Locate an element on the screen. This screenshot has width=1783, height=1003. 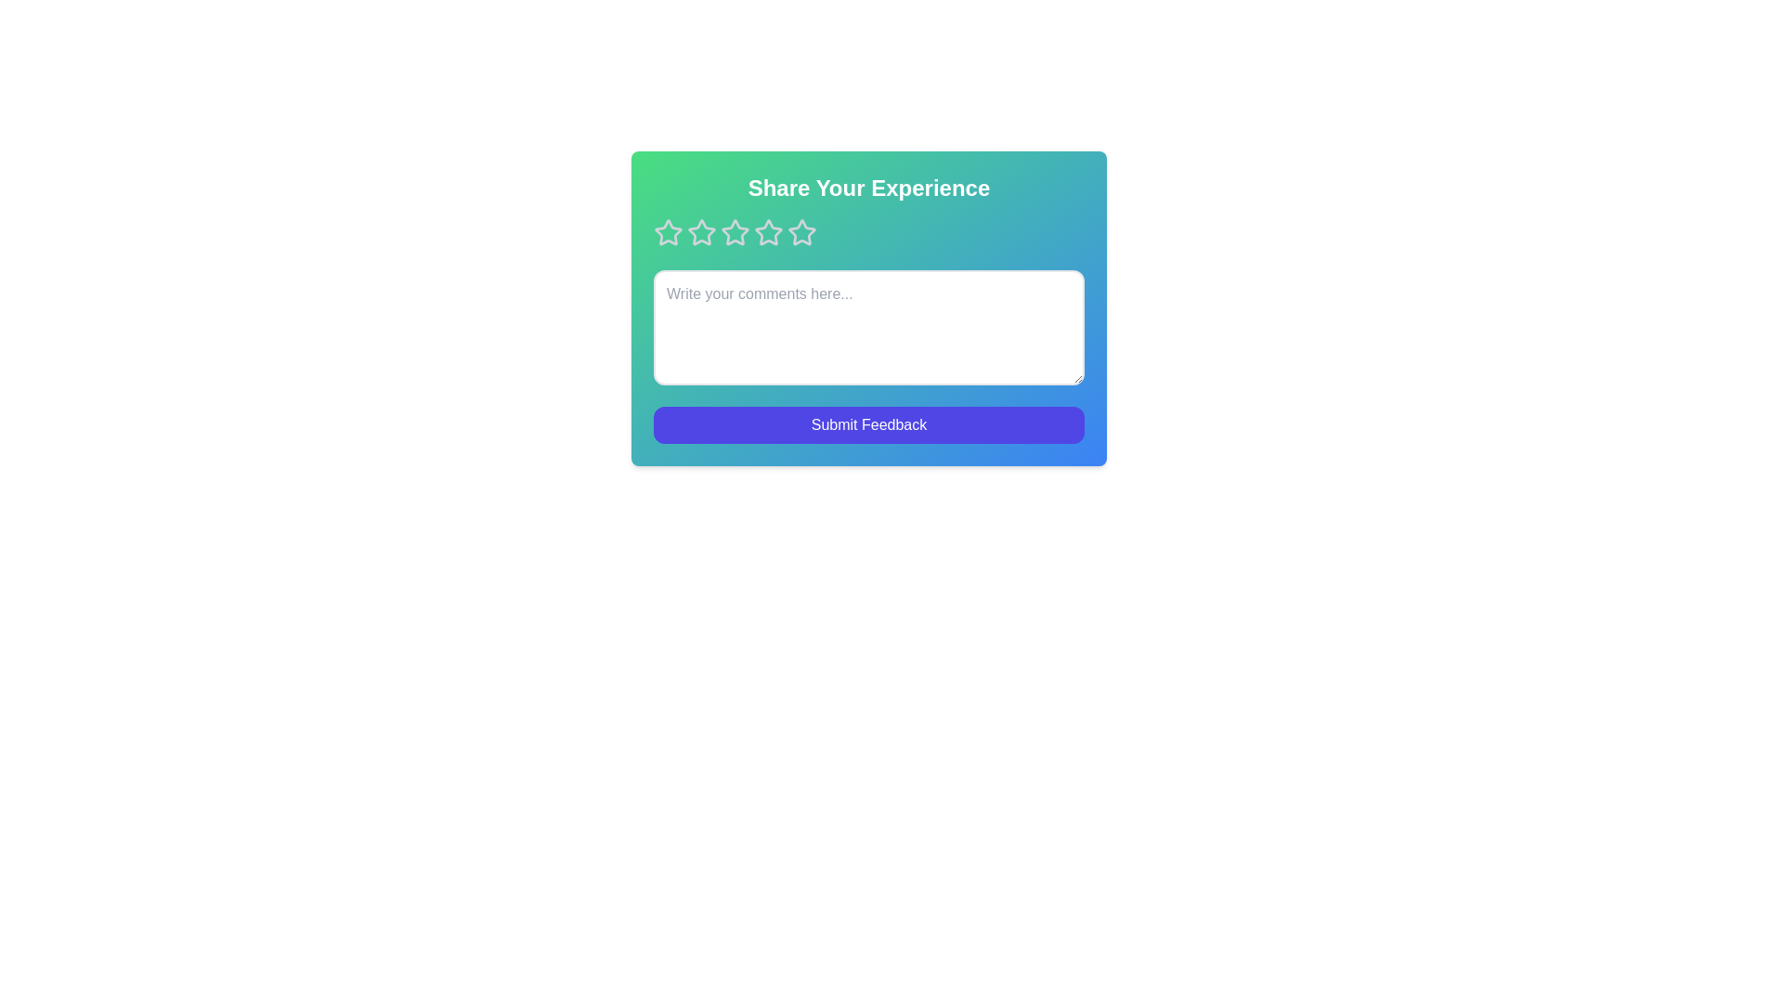
the star corresponding to 4 stars to preview the rating is located at coordinates (769, 231).